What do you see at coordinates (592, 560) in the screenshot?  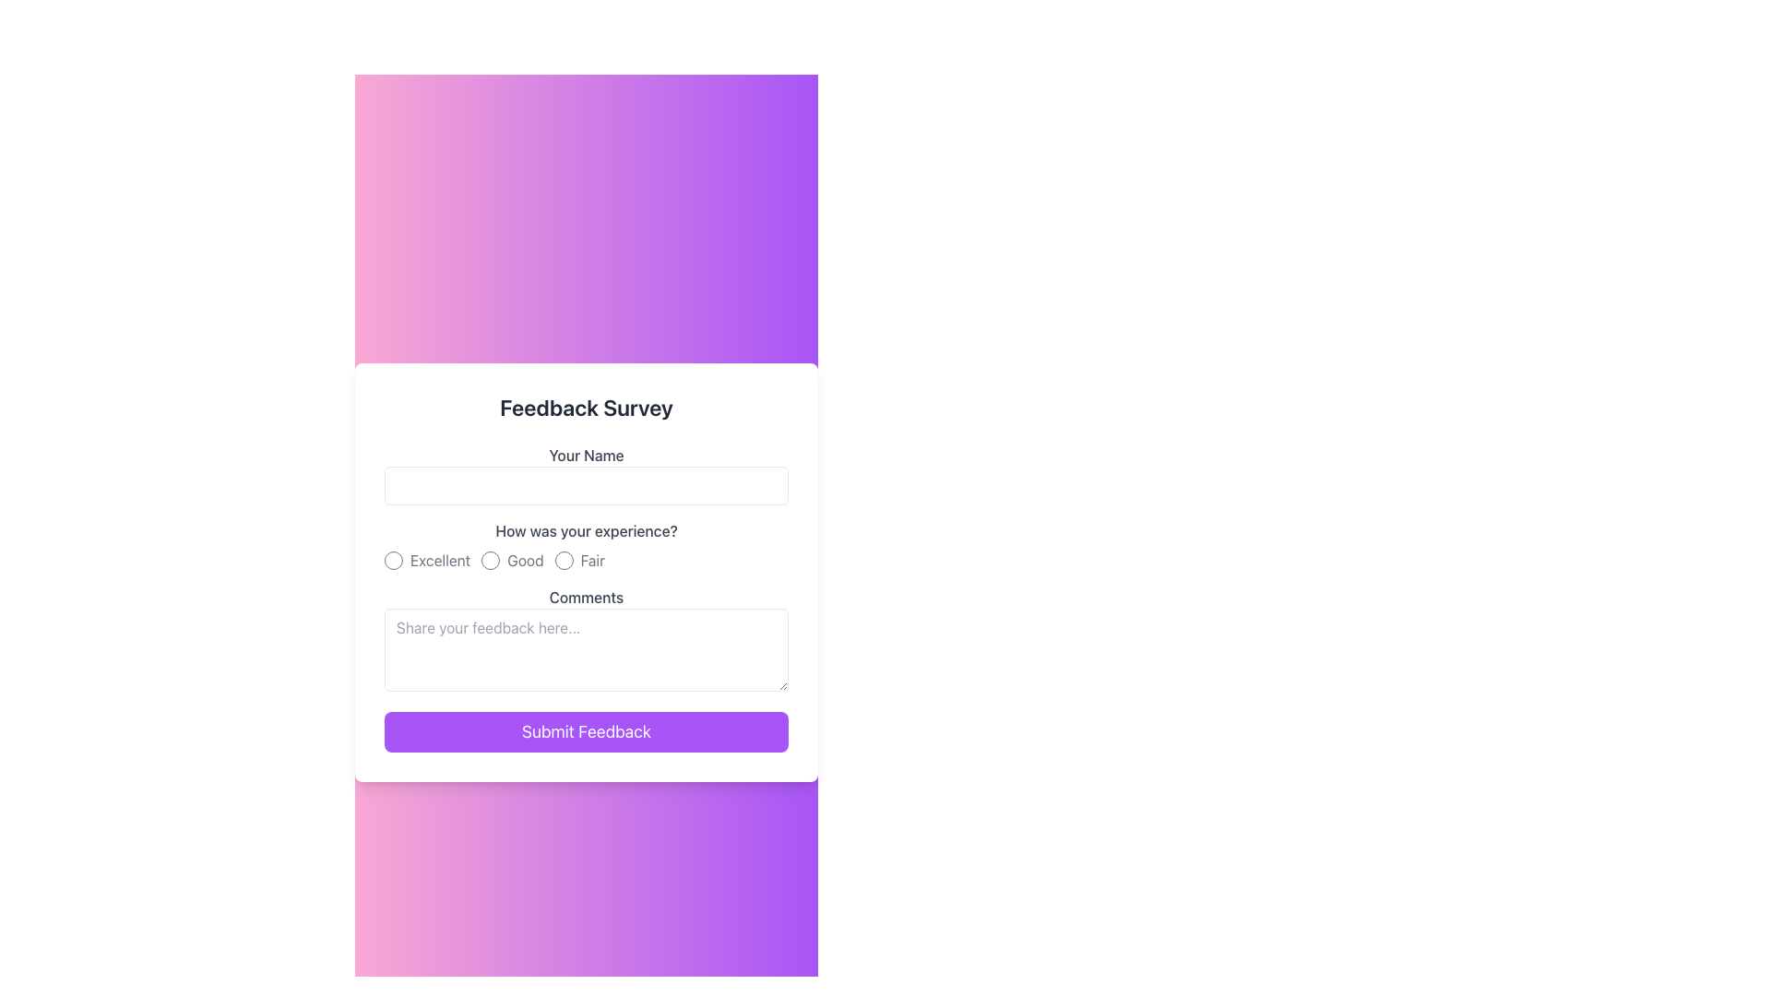 I see `the label for the third radio button option in the feedback survey form, which describes the option for 'How was your experience?'` at bounding box center [592, 560].